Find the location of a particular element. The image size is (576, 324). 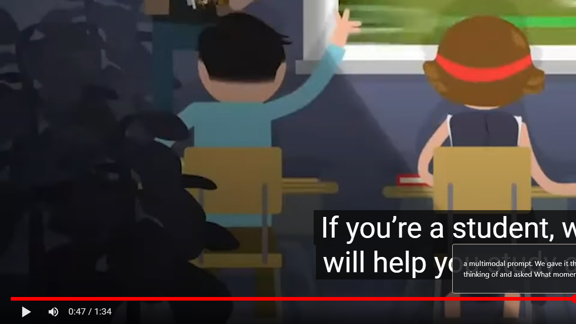

'Pause (k)' is located at coordinates (26, 311).